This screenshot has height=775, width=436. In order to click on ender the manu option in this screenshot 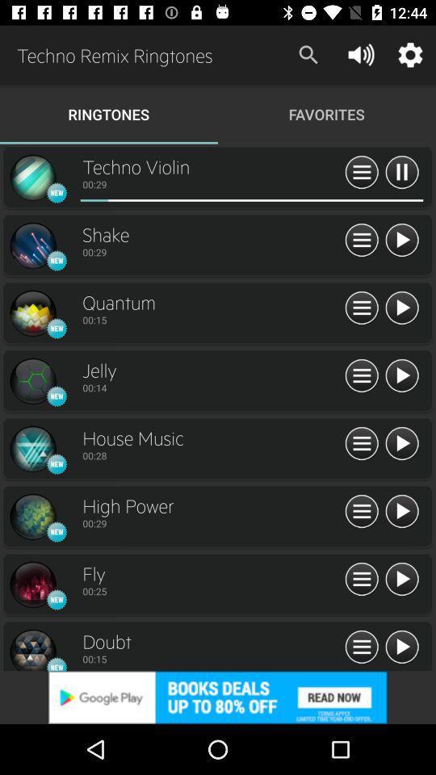, I will do `click(362, 511)`.